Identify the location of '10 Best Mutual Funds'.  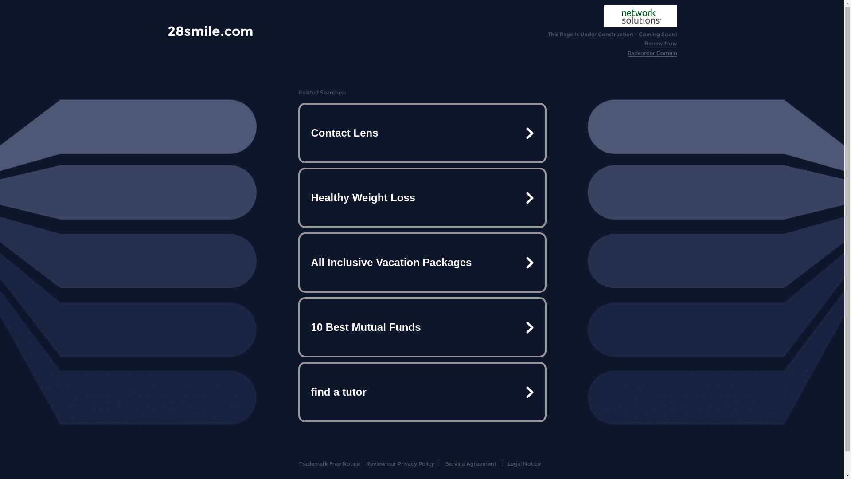
(300, 327).